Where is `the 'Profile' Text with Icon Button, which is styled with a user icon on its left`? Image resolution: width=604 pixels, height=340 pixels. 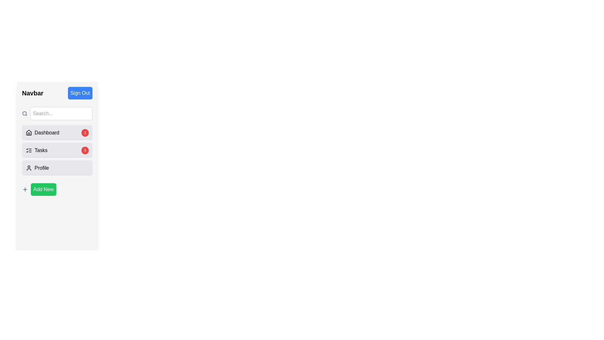 the 'Profile' Text with Icon Button, which is styled with a user icon on its left is located at coordinates (37, 167).